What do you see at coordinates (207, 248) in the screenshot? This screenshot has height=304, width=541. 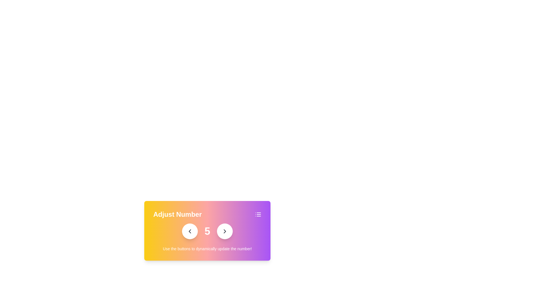 I see `the text caption that states 'Use the buttons to dynamically update the number!' which is centrally aligned below the numeric display and navigation buttons, to check for potential interactions` at bounding box center [207, 248].